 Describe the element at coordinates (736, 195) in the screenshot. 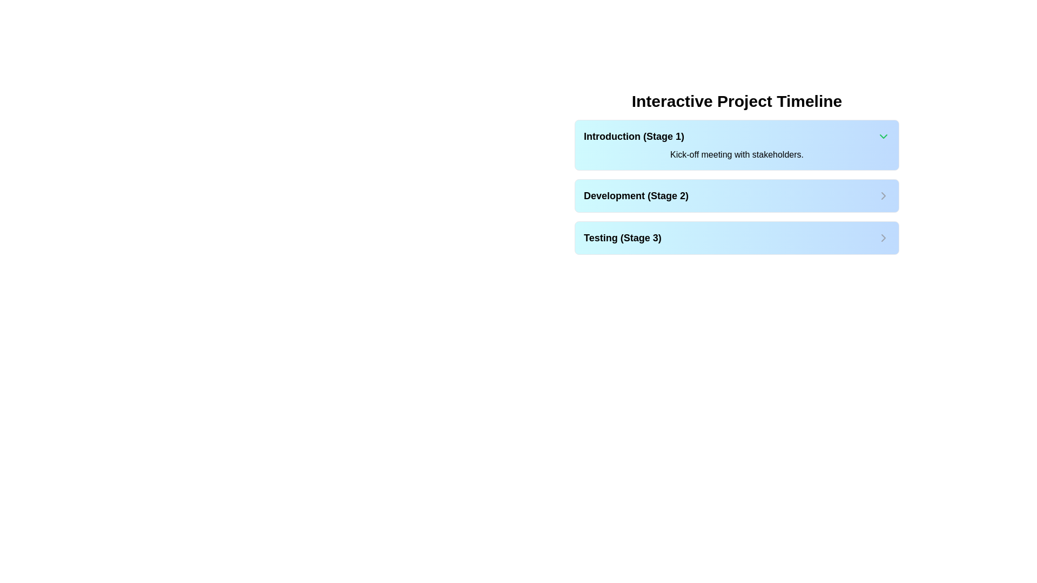

I see `the horizontally-oriented section labeled 'Development (Stage 2)'` at that location.